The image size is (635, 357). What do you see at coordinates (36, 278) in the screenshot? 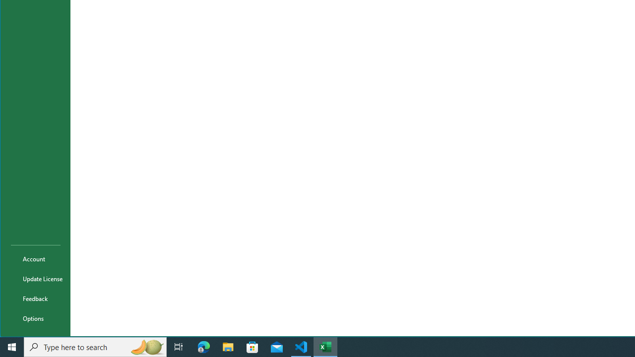
I see `'Update License'` at bounding box center [36, 278].